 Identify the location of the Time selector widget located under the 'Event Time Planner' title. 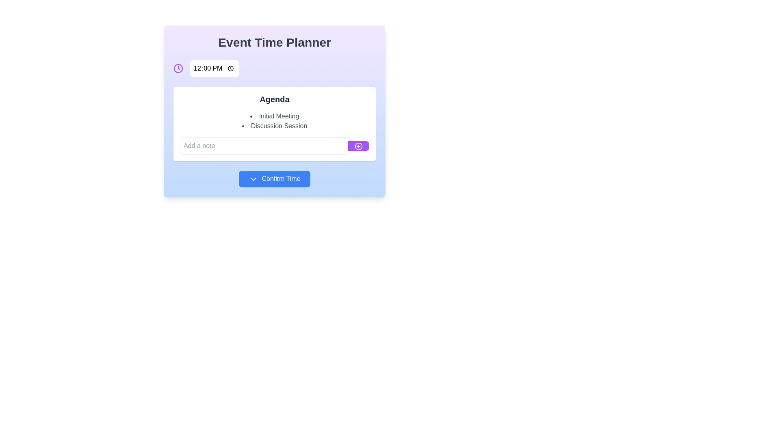
(275, 68).